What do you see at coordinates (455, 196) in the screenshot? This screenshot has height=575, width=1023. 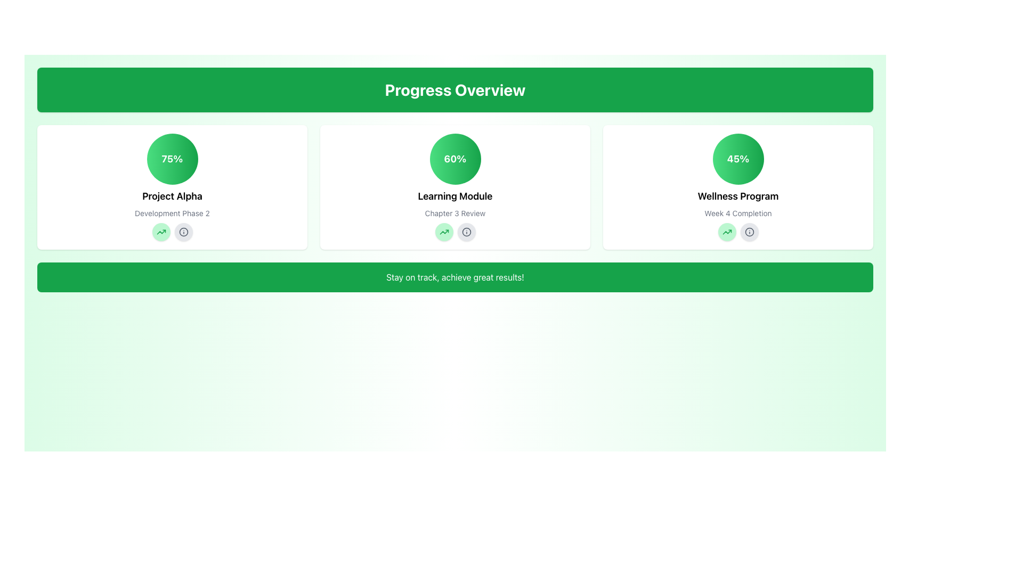 I see `the Text Label that identifies the module or activity, positioned directly below a green circular percentage value and centered among three horizontally aligned boxes` at bounding box center [455, 196].